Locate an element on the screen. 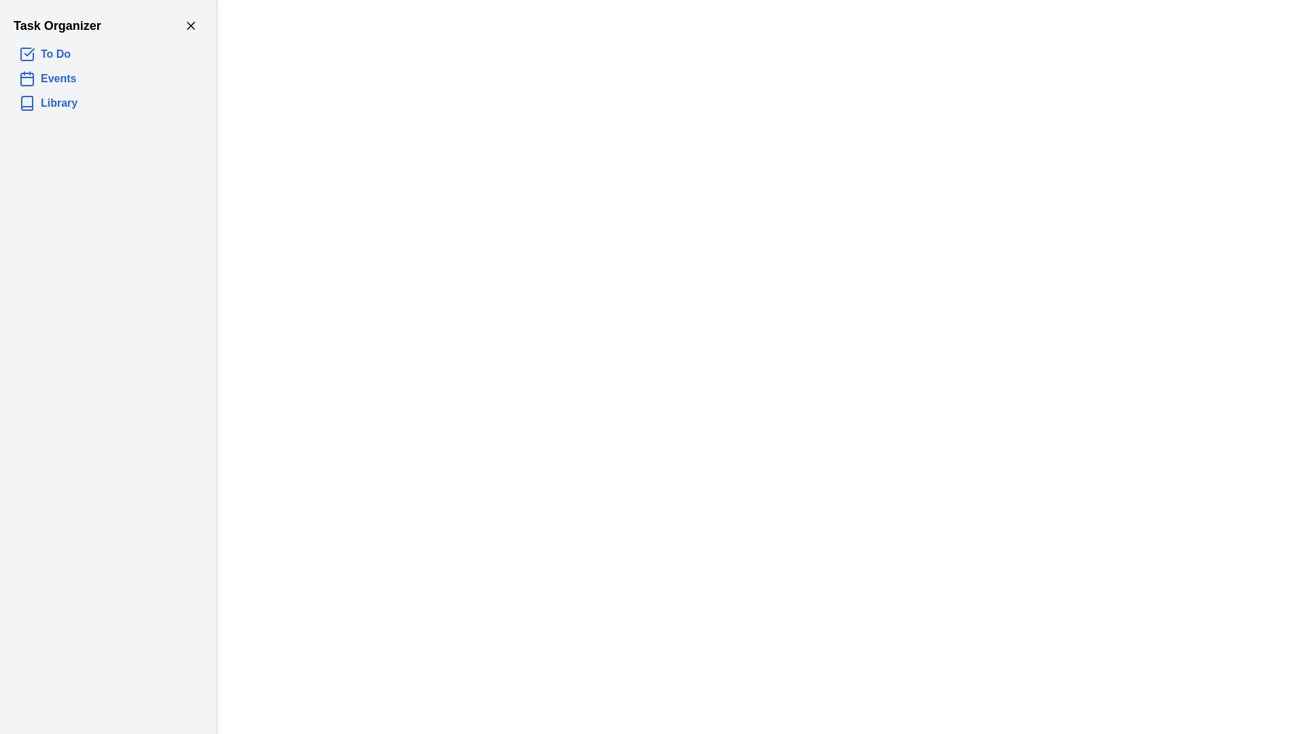 Image resolution: width=1305 pixels, height=734 pixels. the close button to close the drawer is located at coordinates (190, 26).